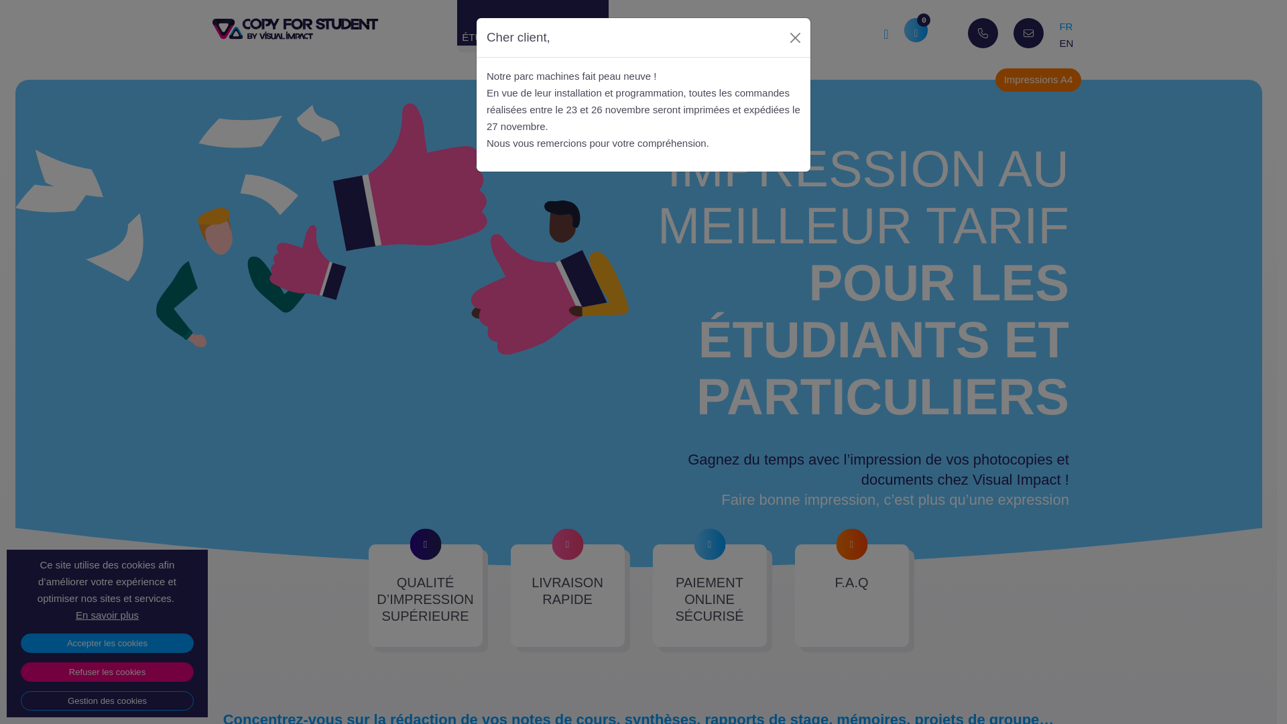  What do you see at coordinates (106, 672) in the screenshot?
I see `'Refuser les cookies'` at bounding box center [106, 672].